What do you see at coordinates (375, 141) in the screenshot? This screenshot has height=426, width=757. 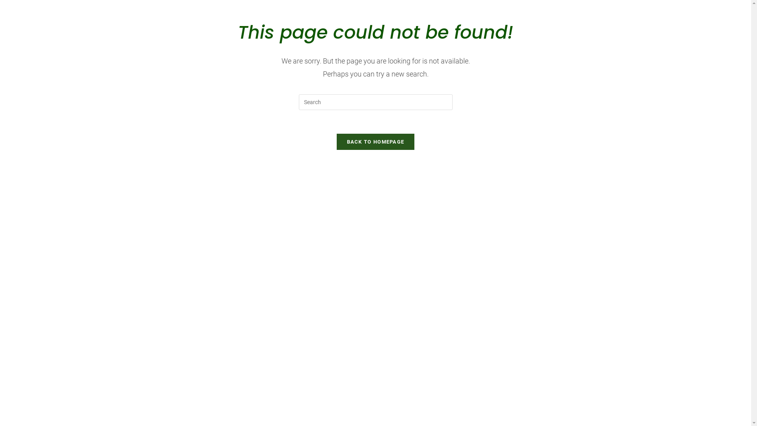 I see `'BACK TO HOMEPAGE'` at bounding box center [375, 141].